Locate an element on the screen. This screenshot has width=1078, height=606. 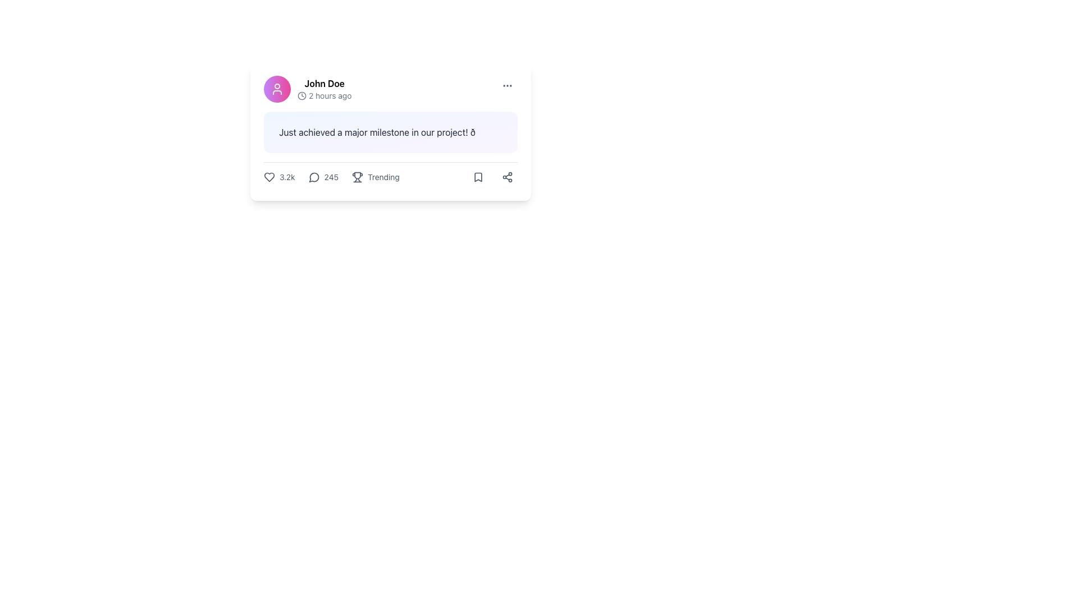
the 'Trending' text label that is styled with a small gray font, located in the bottom section of a content card, following a trophy icon and aligned horizontally with it is located at coordinates (383, 177).